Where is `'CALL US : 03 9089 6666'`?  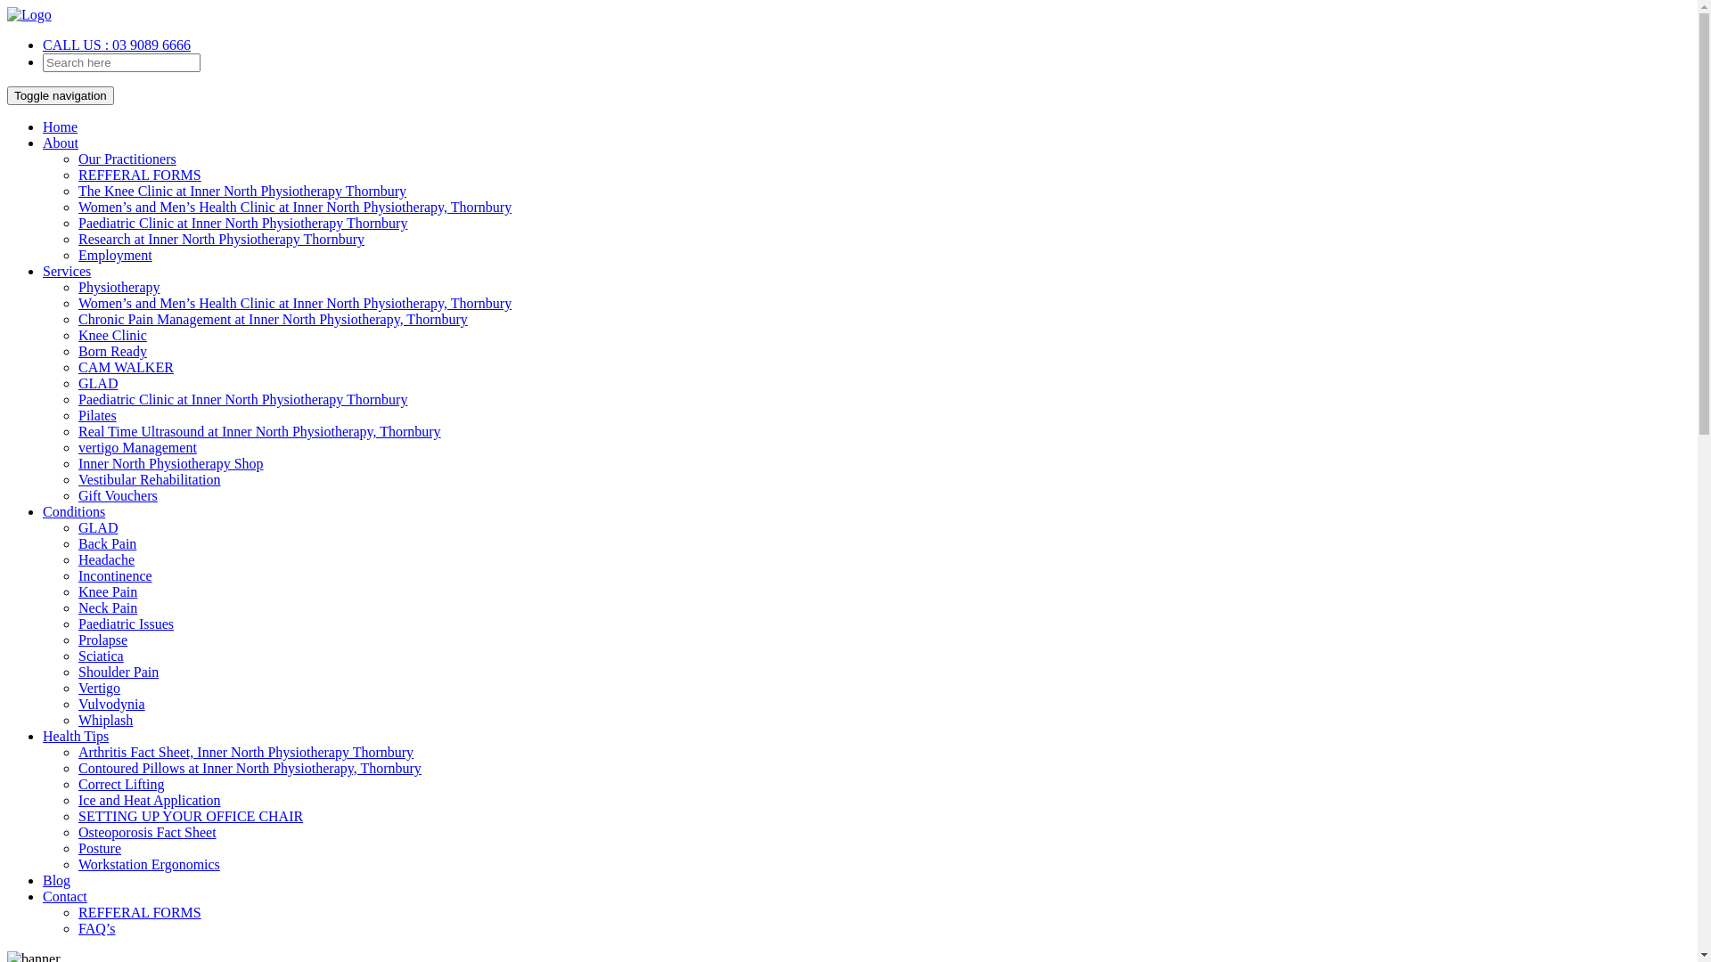 'CALL US : 03 9089 6666' is located at coordinates (115, 44).